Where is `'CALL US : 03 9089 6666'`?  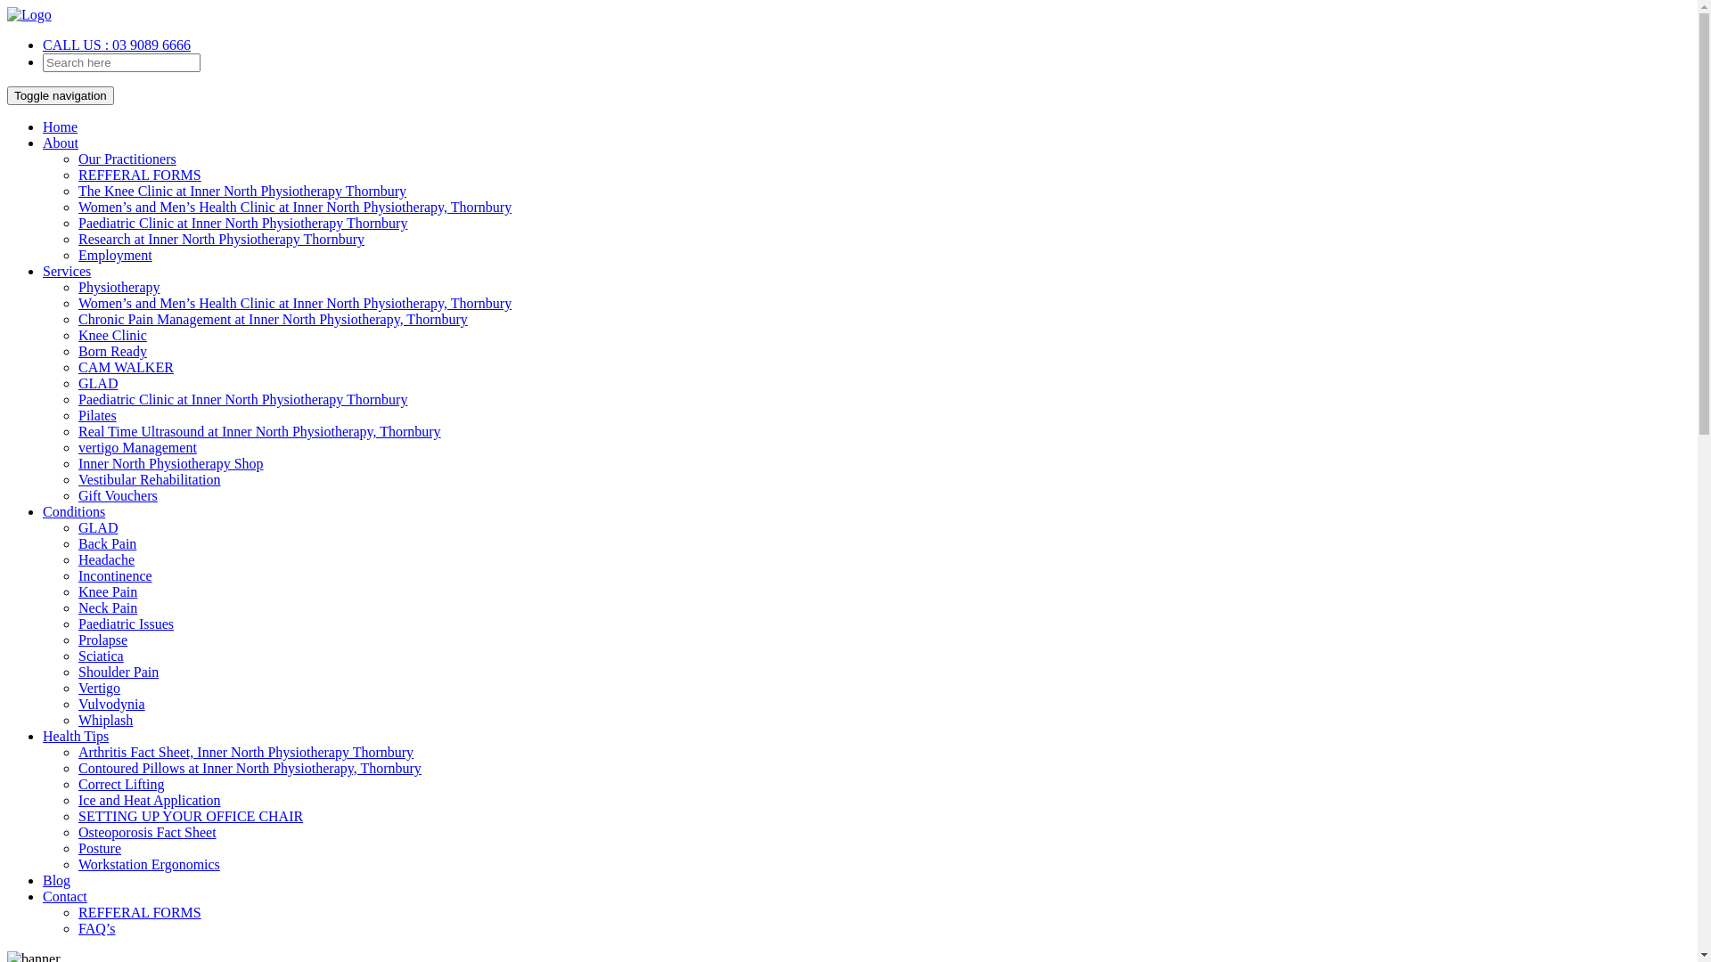 'CALL US : 03 9089 6666' is located at coordinates (115, 44).